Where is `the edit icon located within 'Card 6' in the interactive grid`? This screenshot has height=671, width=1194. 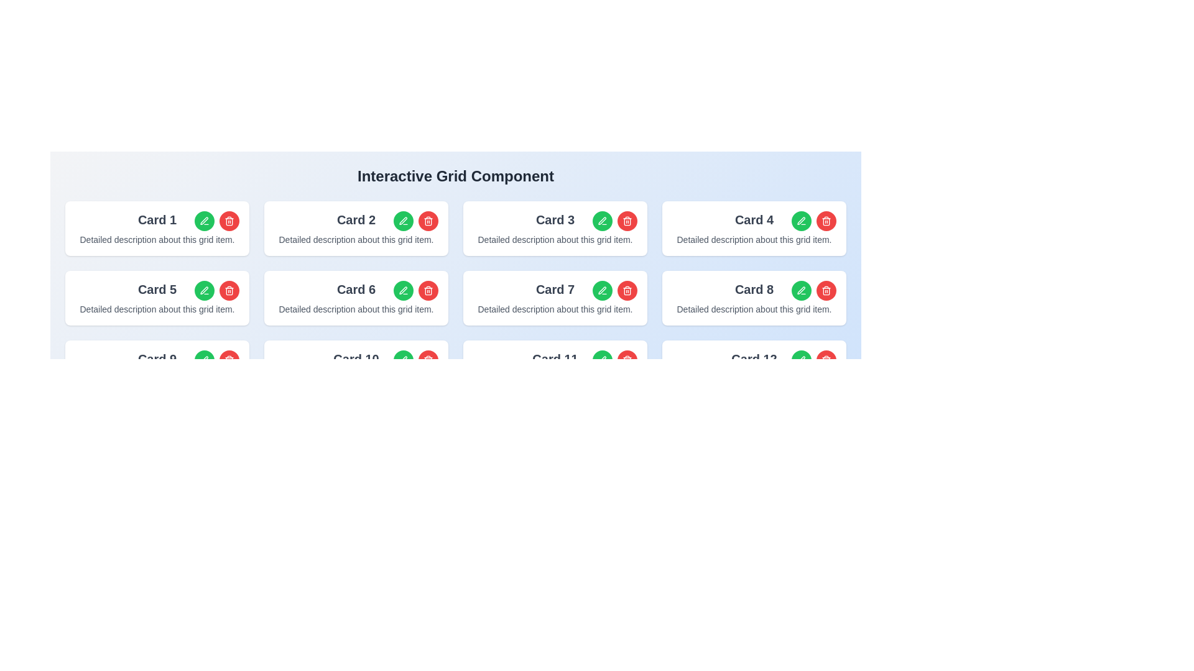 the edit icon located within 'Card 6' in the interactive grid is located at coordinates (403, 290).